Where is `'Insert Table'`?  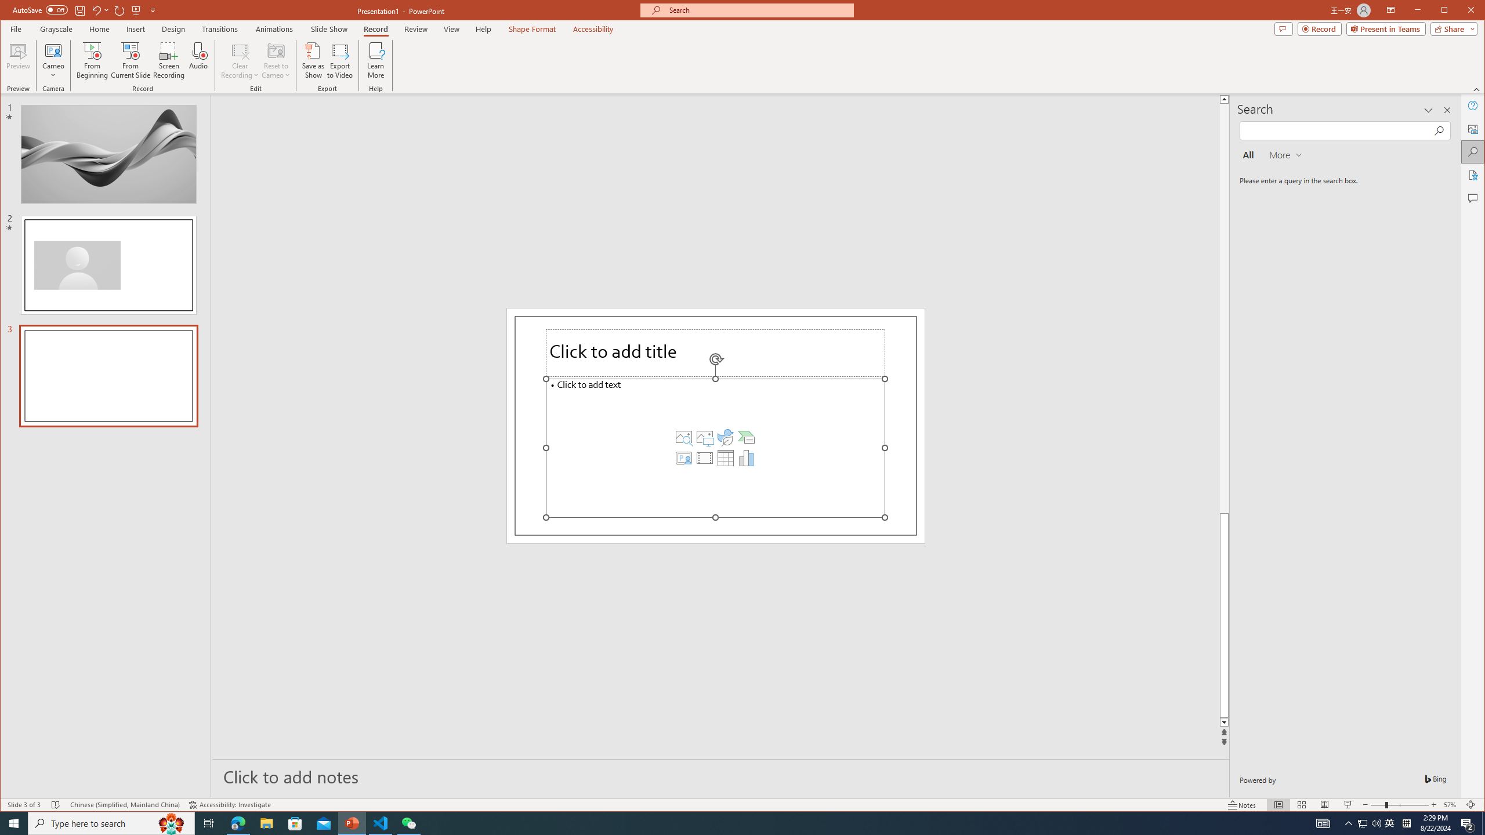 'Insert Table' is located at coordinates (725, 458).